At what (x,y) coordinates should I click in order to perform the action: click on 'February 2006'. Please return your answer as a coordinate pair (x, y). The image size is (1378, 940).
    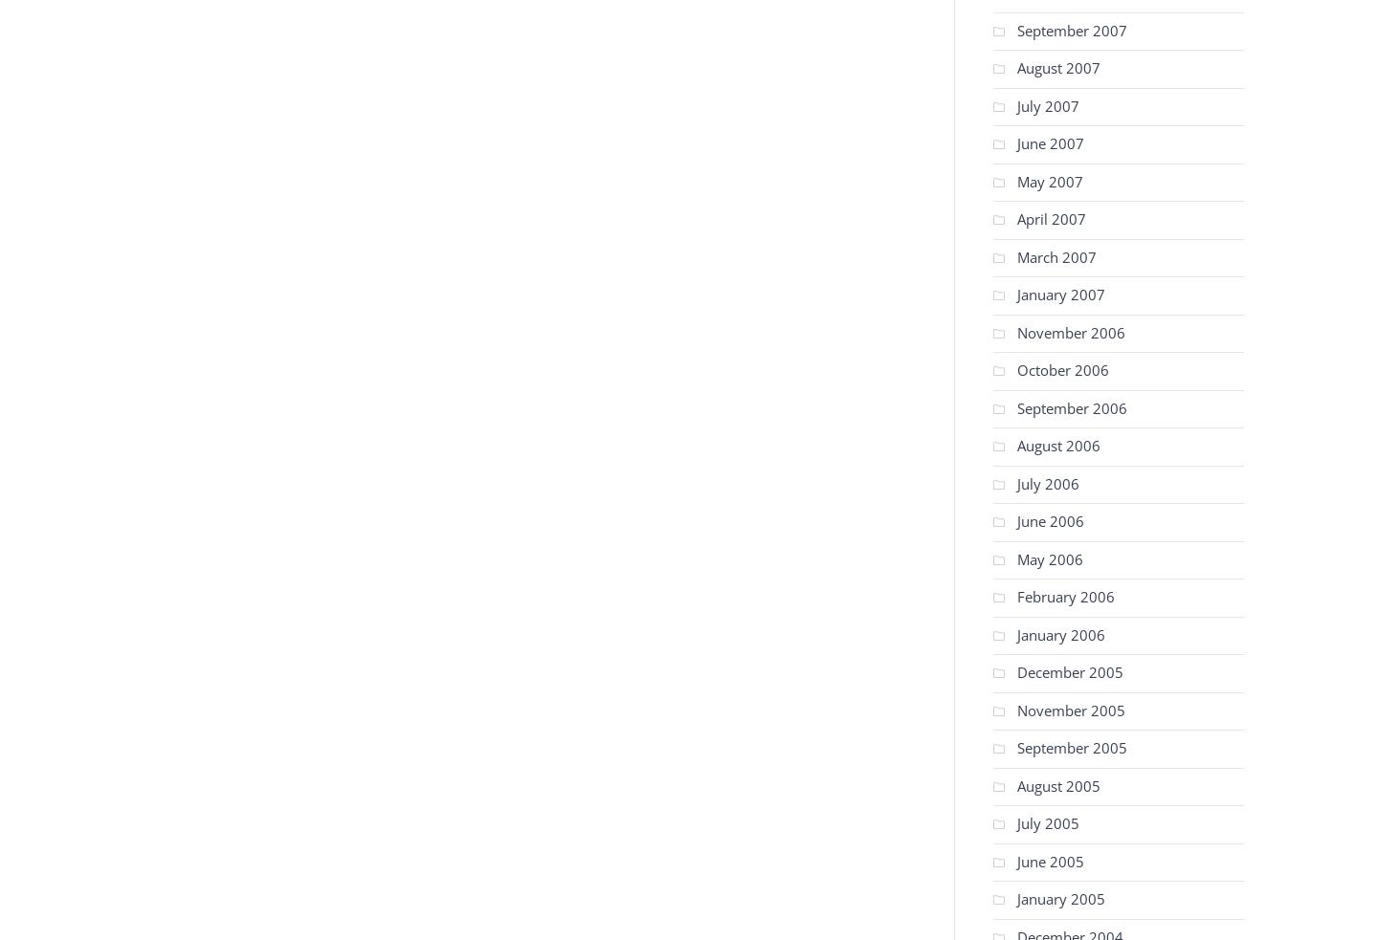
    Looking at the image, I should click on (1064, 597).